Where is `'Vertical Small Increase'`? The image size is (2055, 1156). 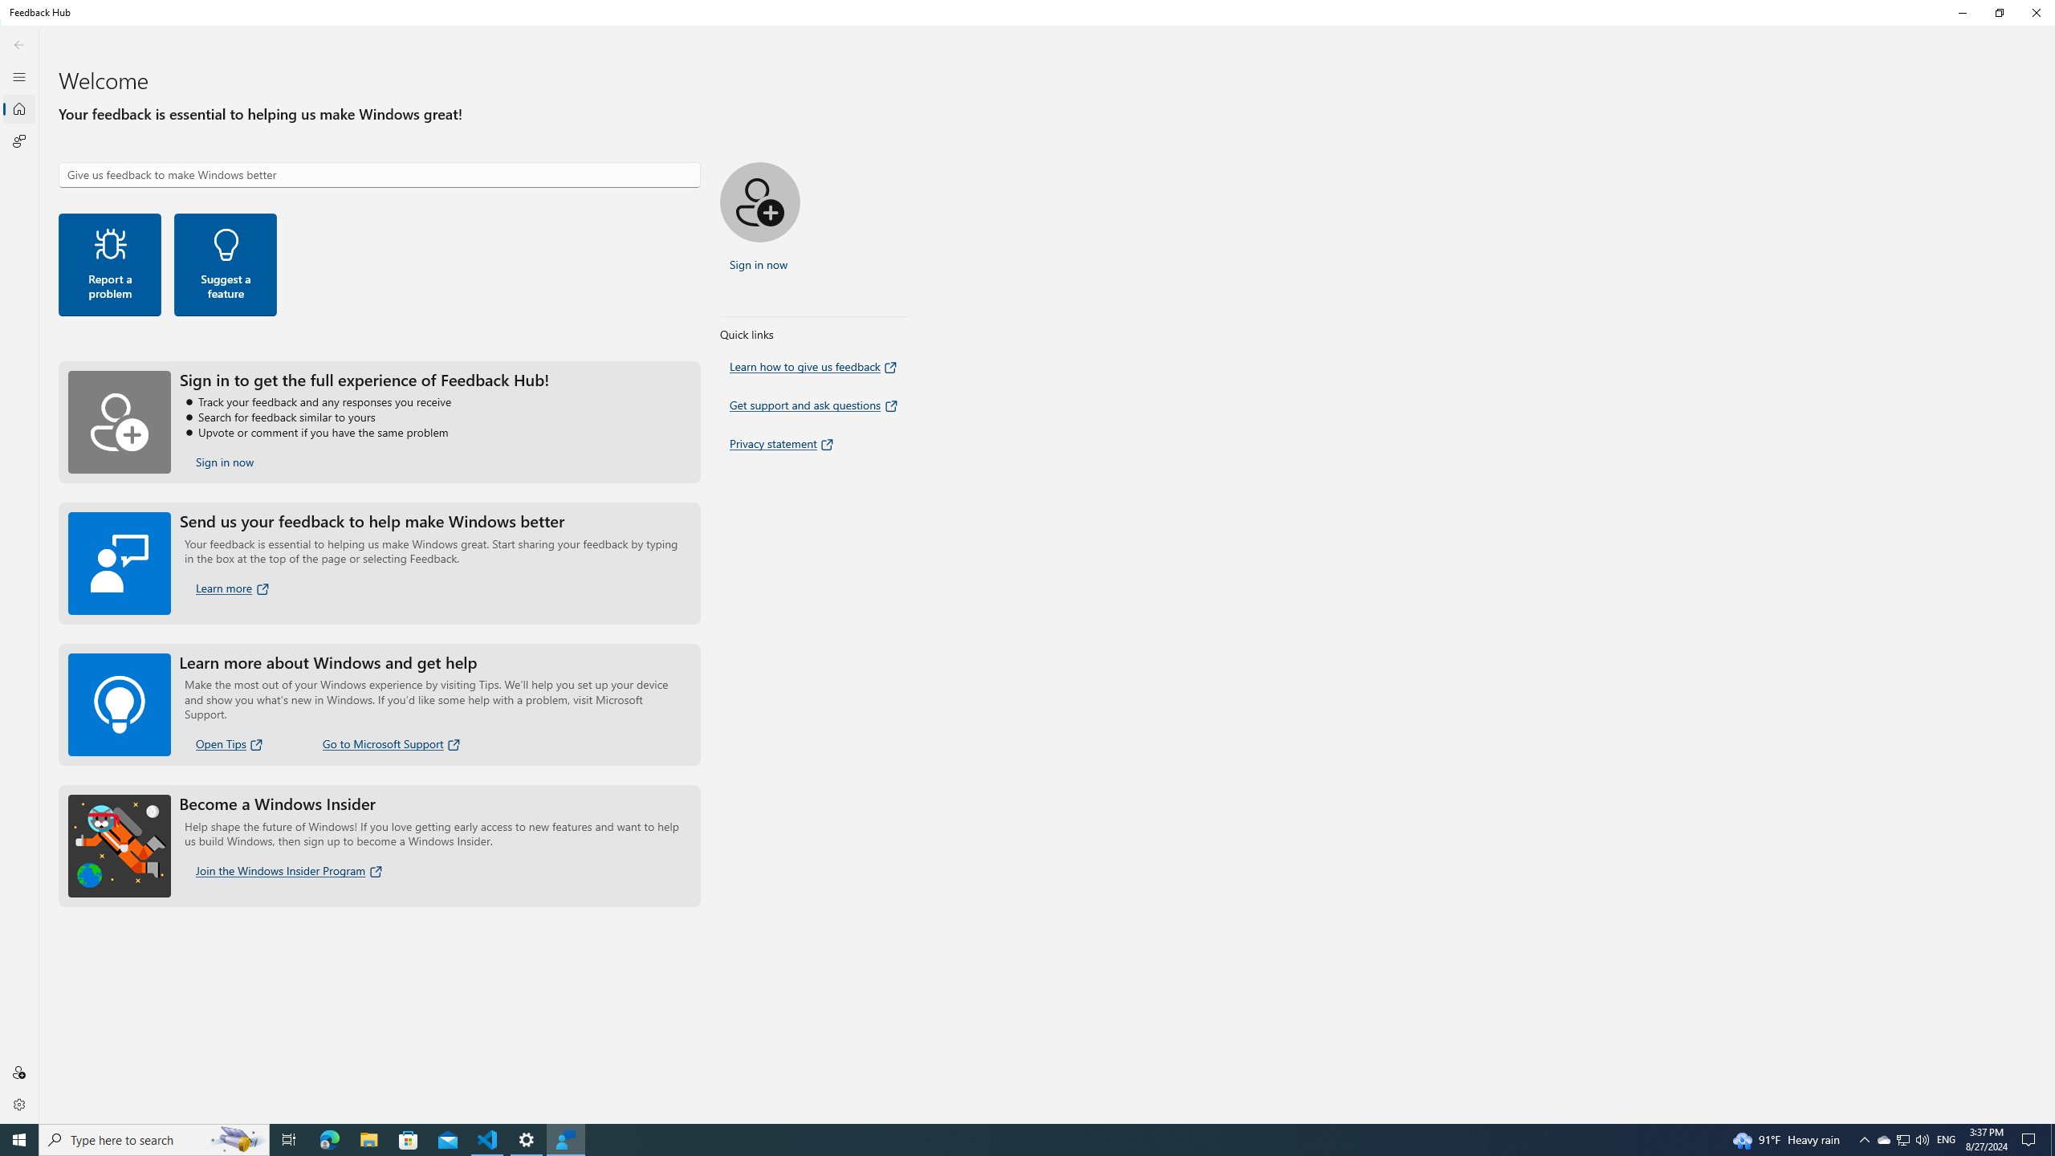 'Vertical Small Increase' is located at coordinates (2049, 1118).